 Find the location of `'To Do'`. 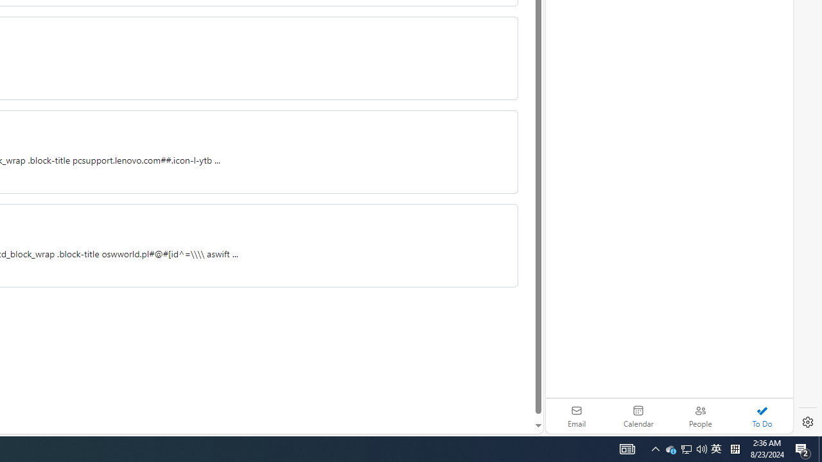

'To Do' is located at coordinates (762, 416).